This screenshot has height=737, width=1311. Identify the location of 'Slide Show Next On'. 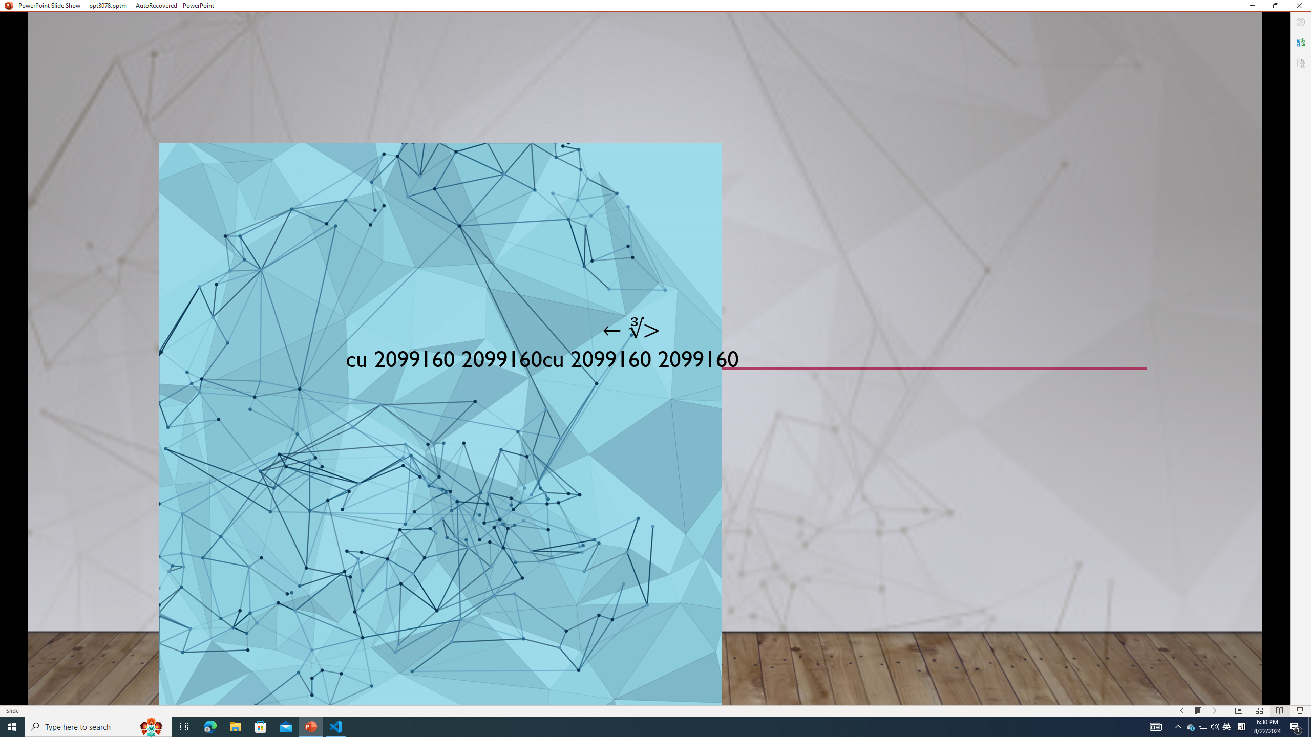
(1215, 711).